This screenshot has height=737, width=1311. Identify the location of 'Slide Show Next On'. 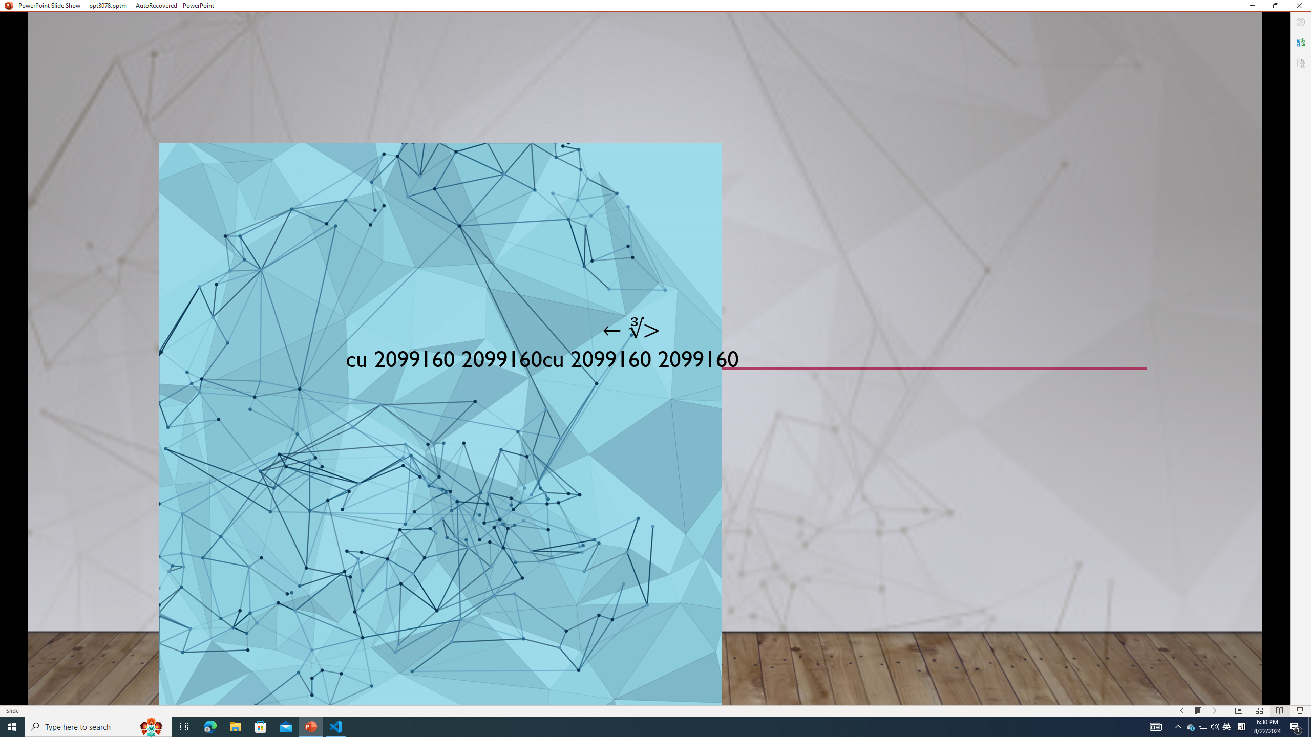
(1215, 711).